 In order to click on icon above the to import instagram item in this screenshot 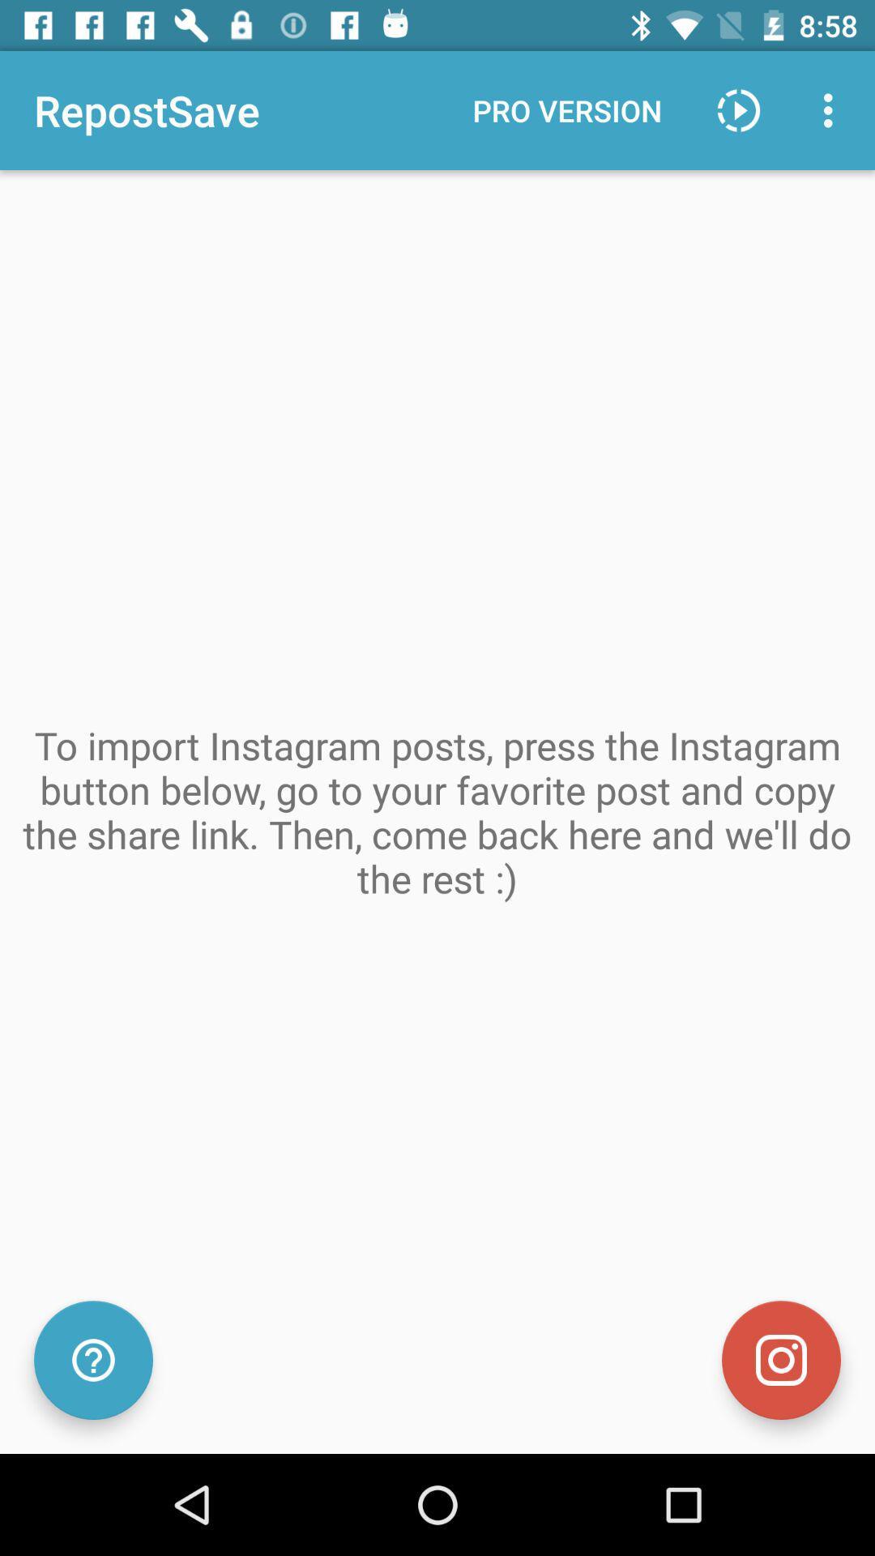, I will do `click(566, 109)`.